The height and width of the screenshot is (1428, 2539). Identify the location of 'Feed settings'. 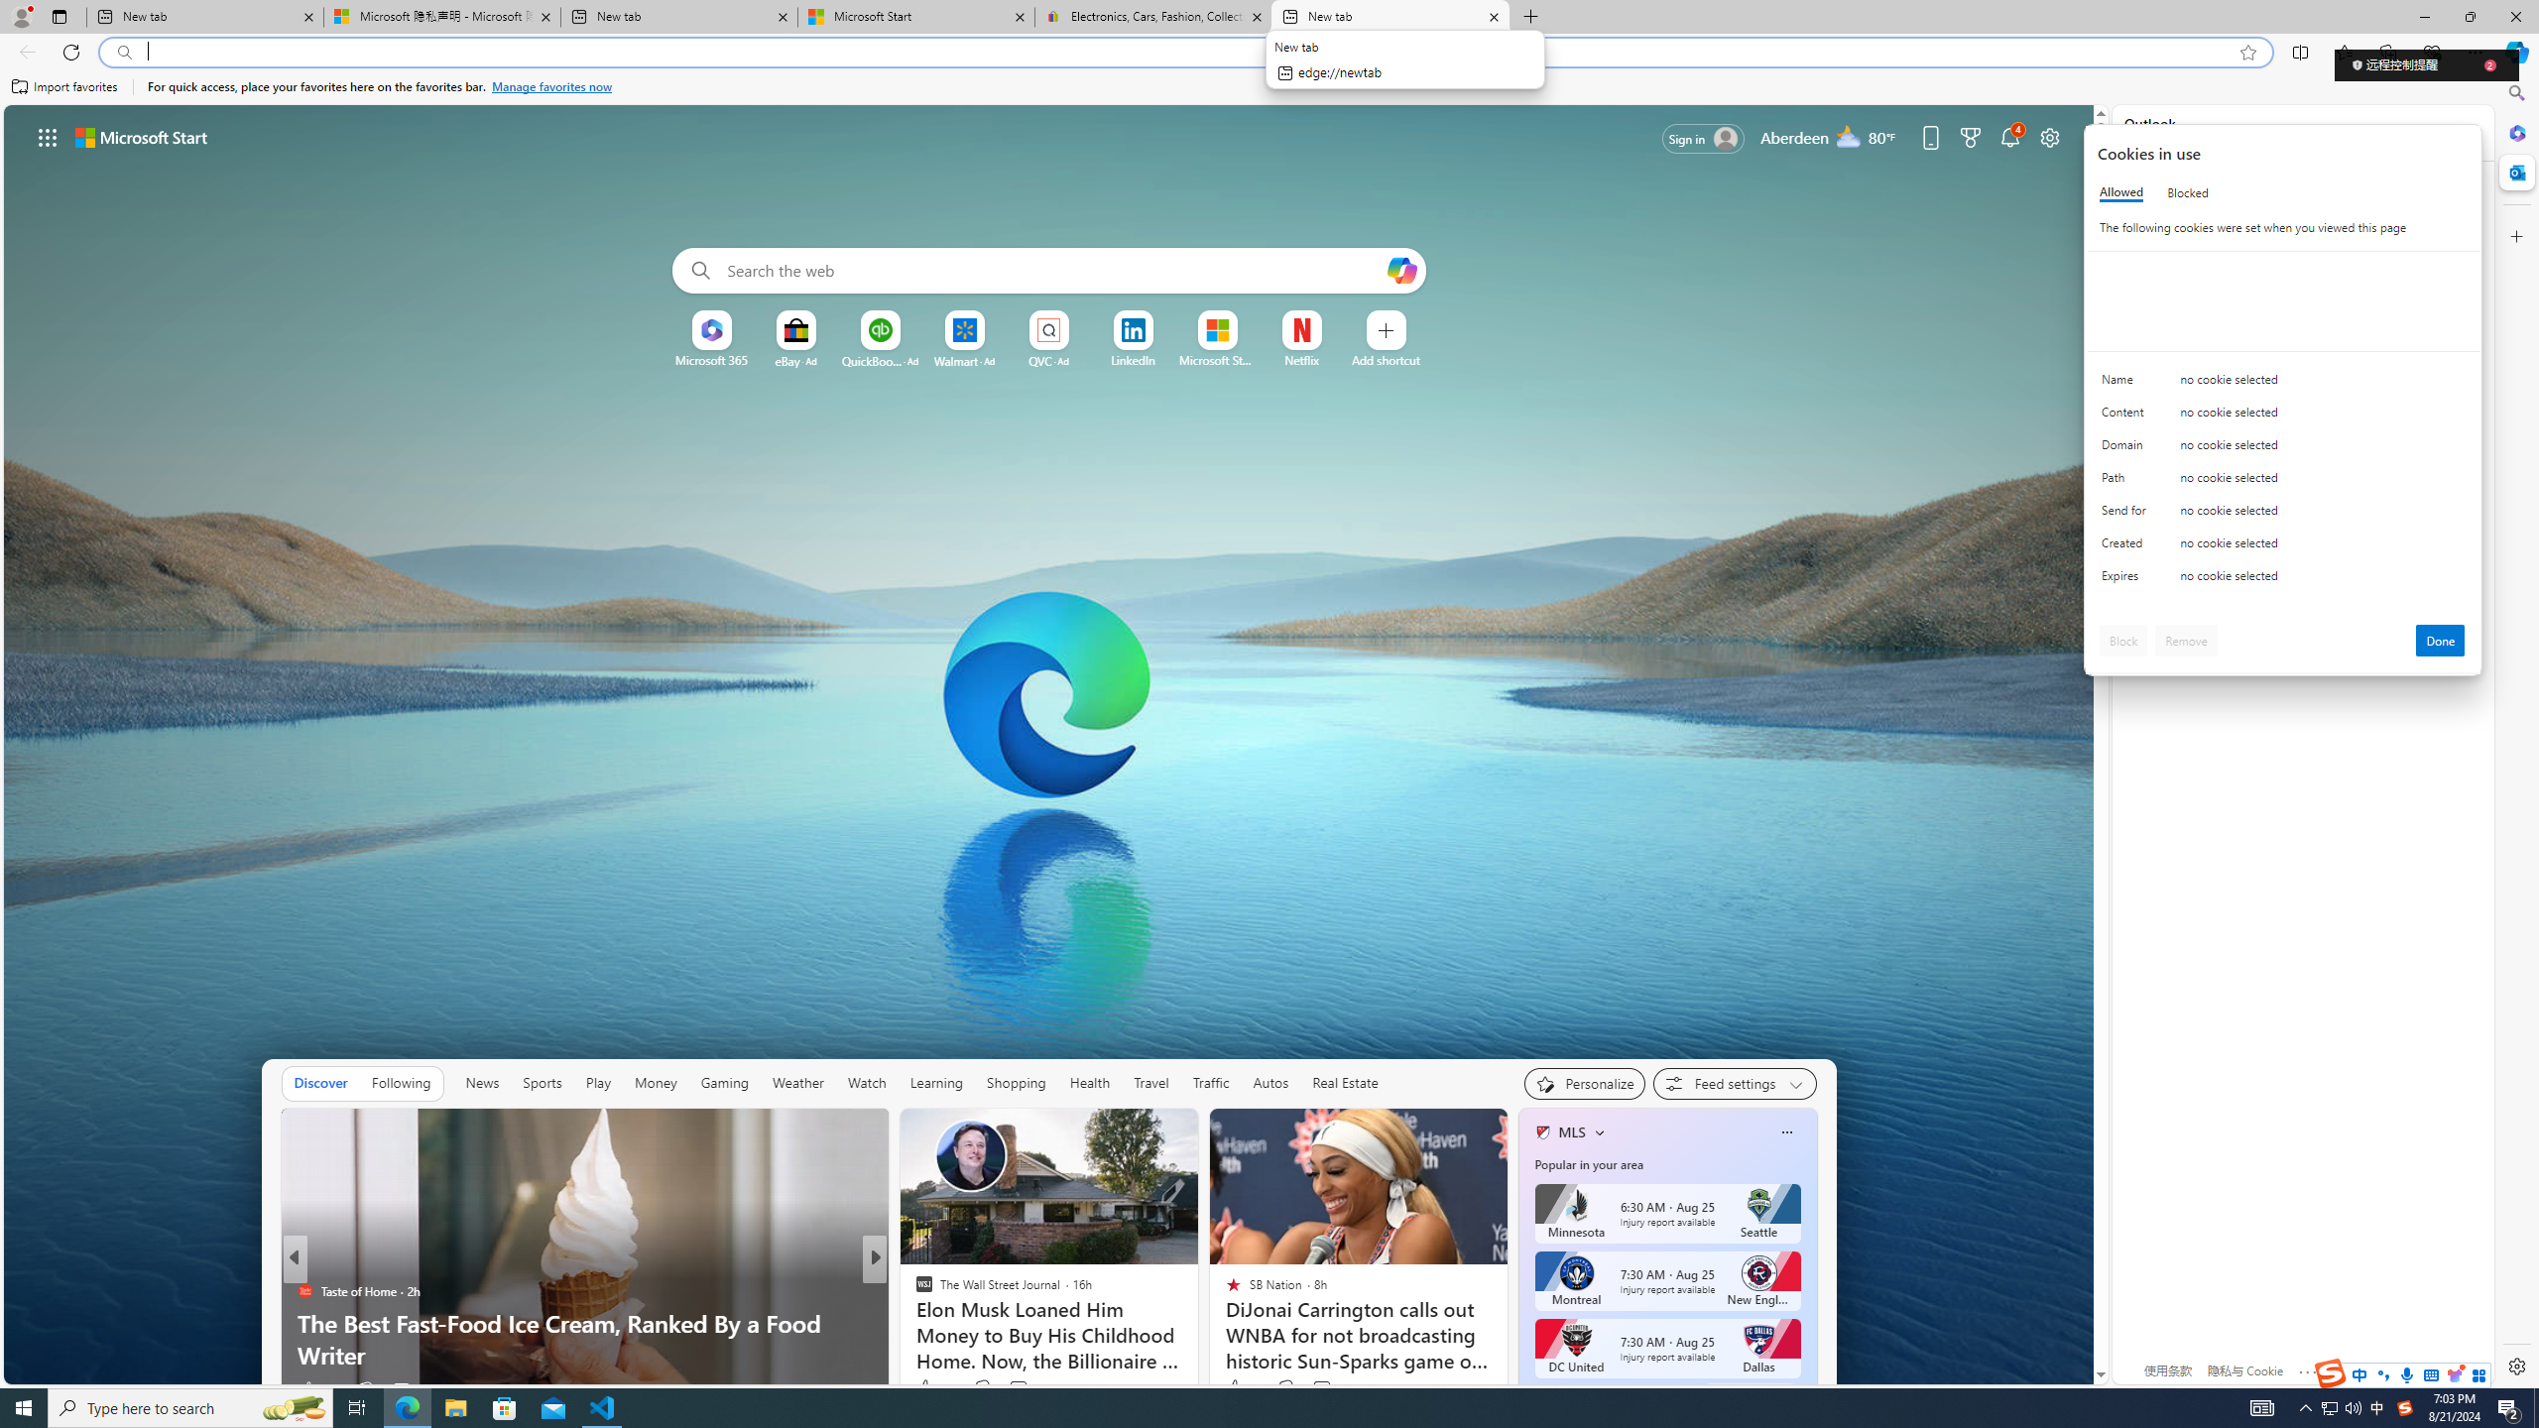
(1734, 1082).